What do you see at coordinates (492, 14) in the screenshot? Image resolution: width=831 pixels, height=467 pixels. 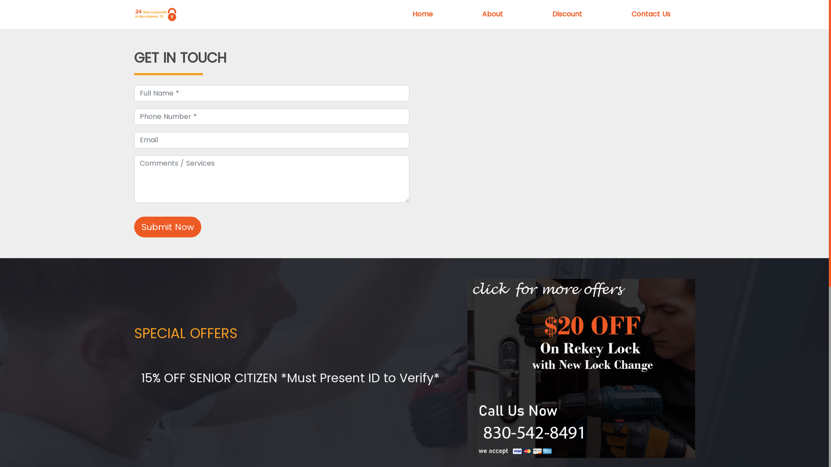 I see `'About'` at bounding box center [492, 14].